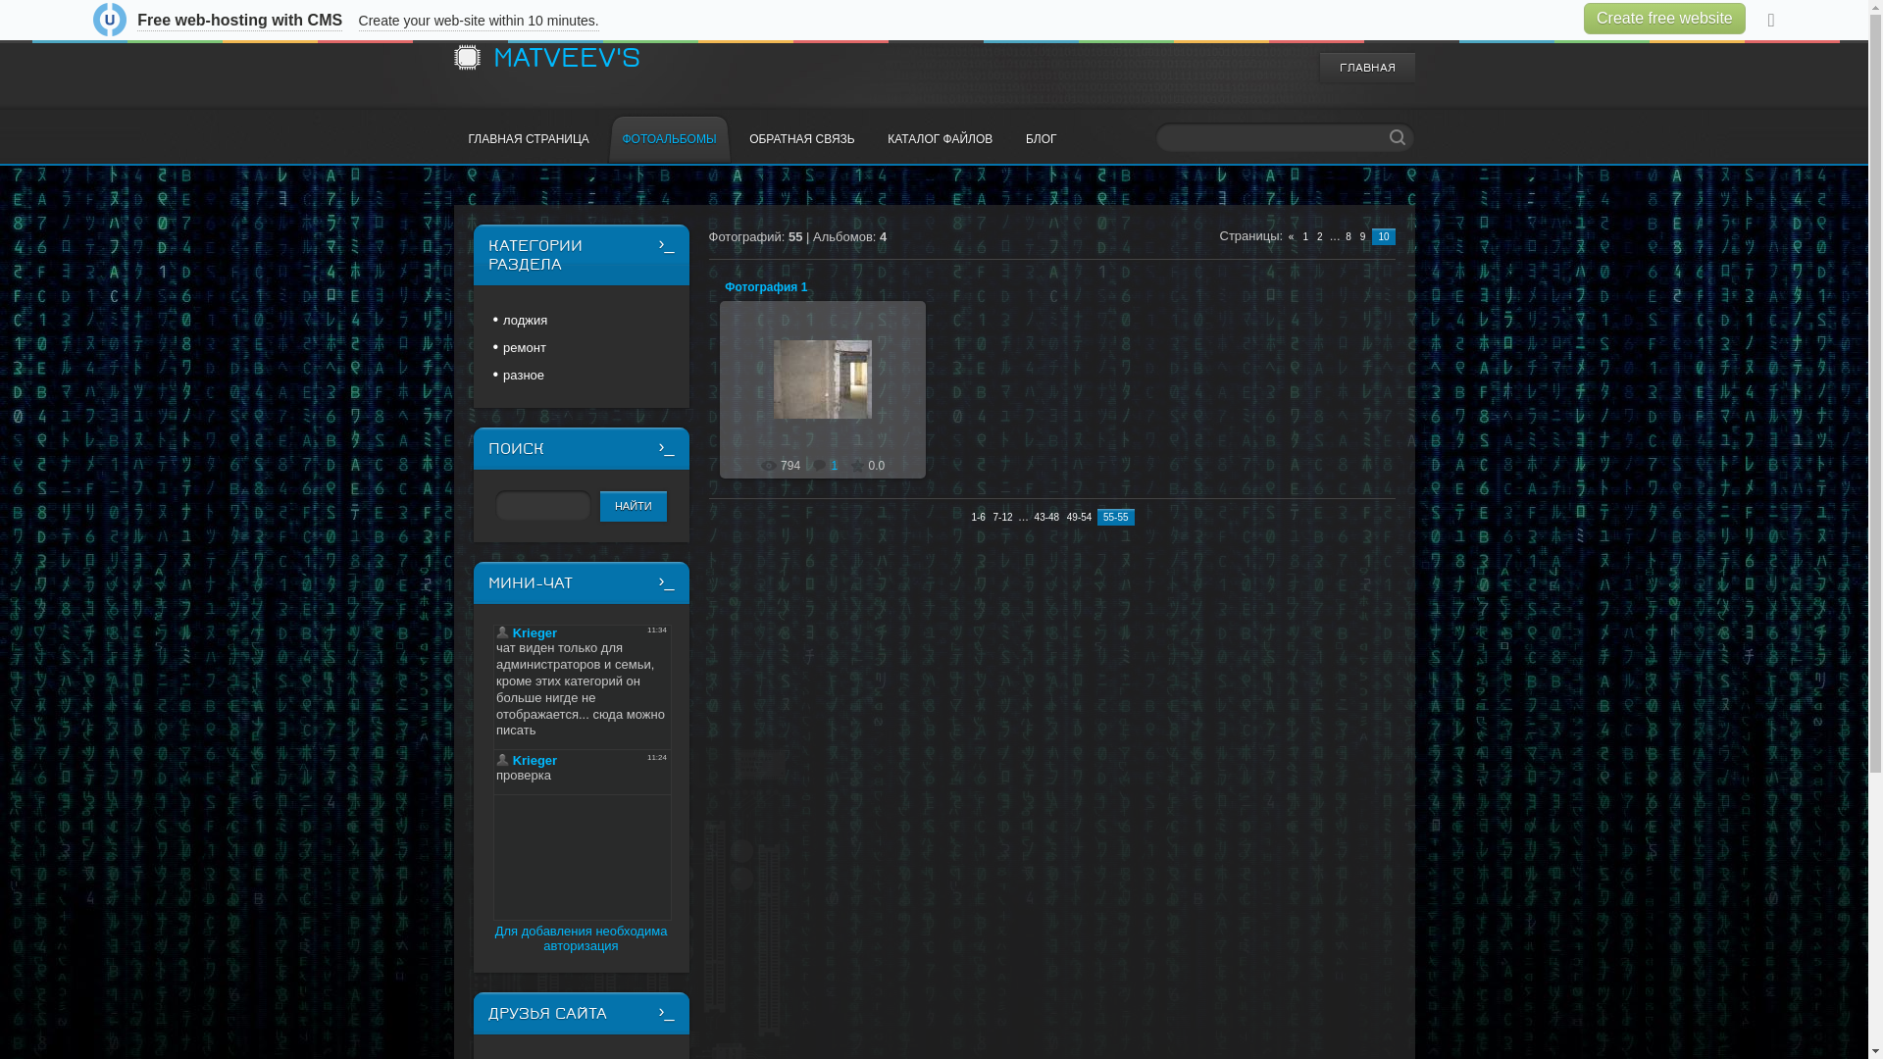  Describe the element at coordinates (1362, 235) in the screenshot. I see `'9'` at that location.